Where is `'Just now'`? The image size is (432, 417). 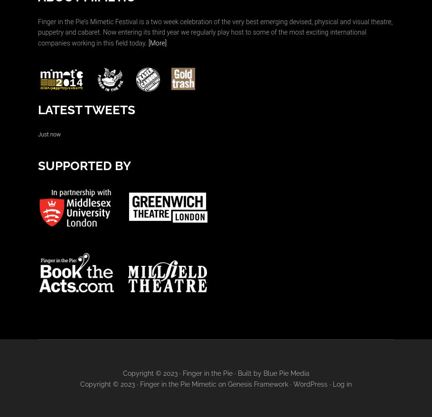 'Just now' is located at coordinates (49, 134).